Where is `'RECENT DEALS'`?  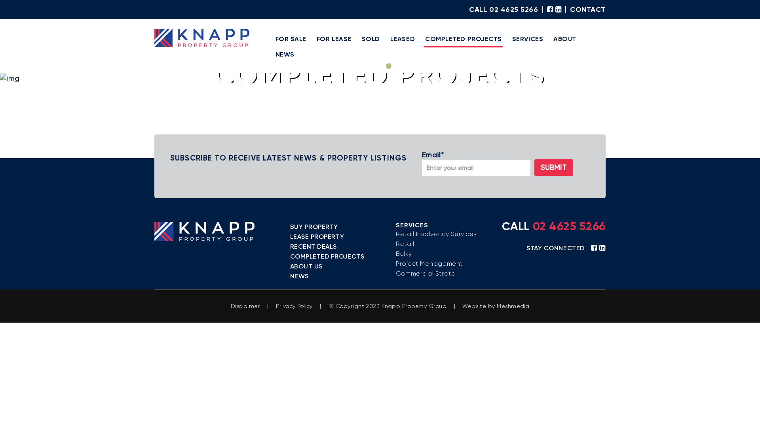 'RECENT DEALS' is located at coordinates (313, 246).